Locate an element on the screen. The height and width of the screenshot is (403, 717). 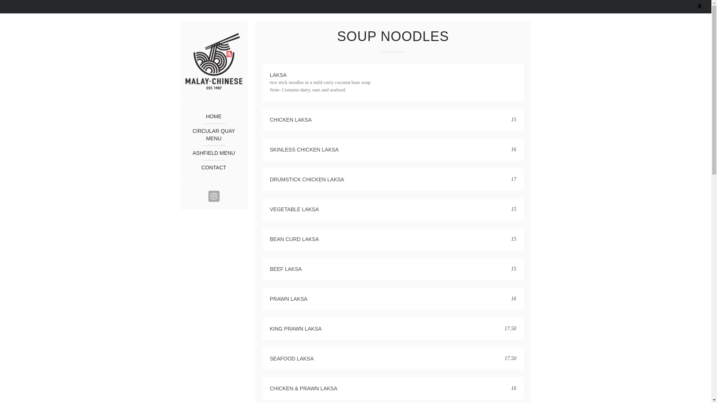
'CIRCULAR QUAY MENU' is located at coordinates (187, 135).